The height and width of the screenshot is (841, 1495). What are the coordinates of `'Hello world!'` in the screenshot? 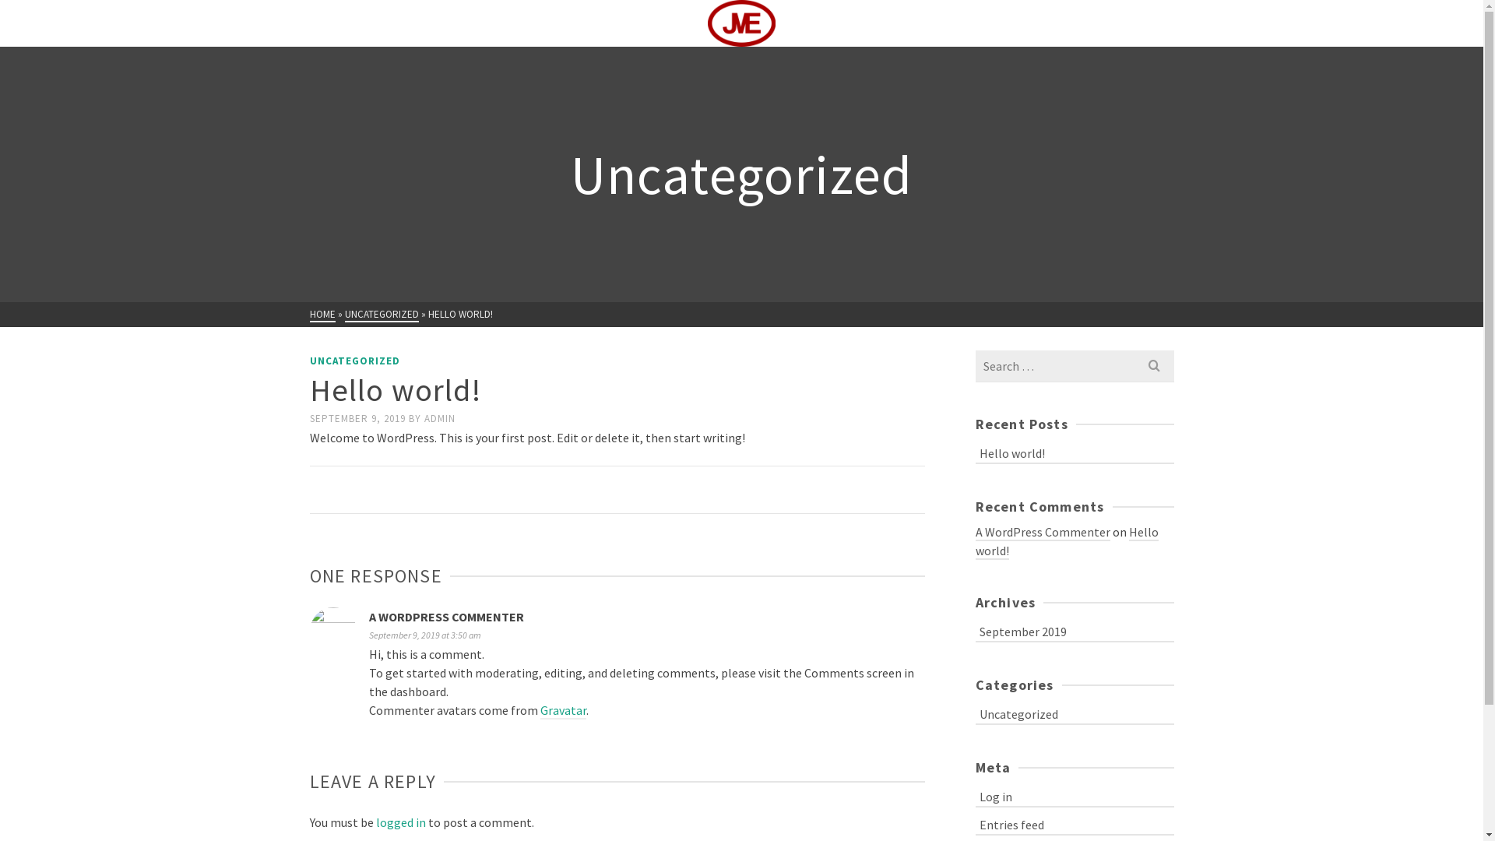 It's located at (1065, 540).